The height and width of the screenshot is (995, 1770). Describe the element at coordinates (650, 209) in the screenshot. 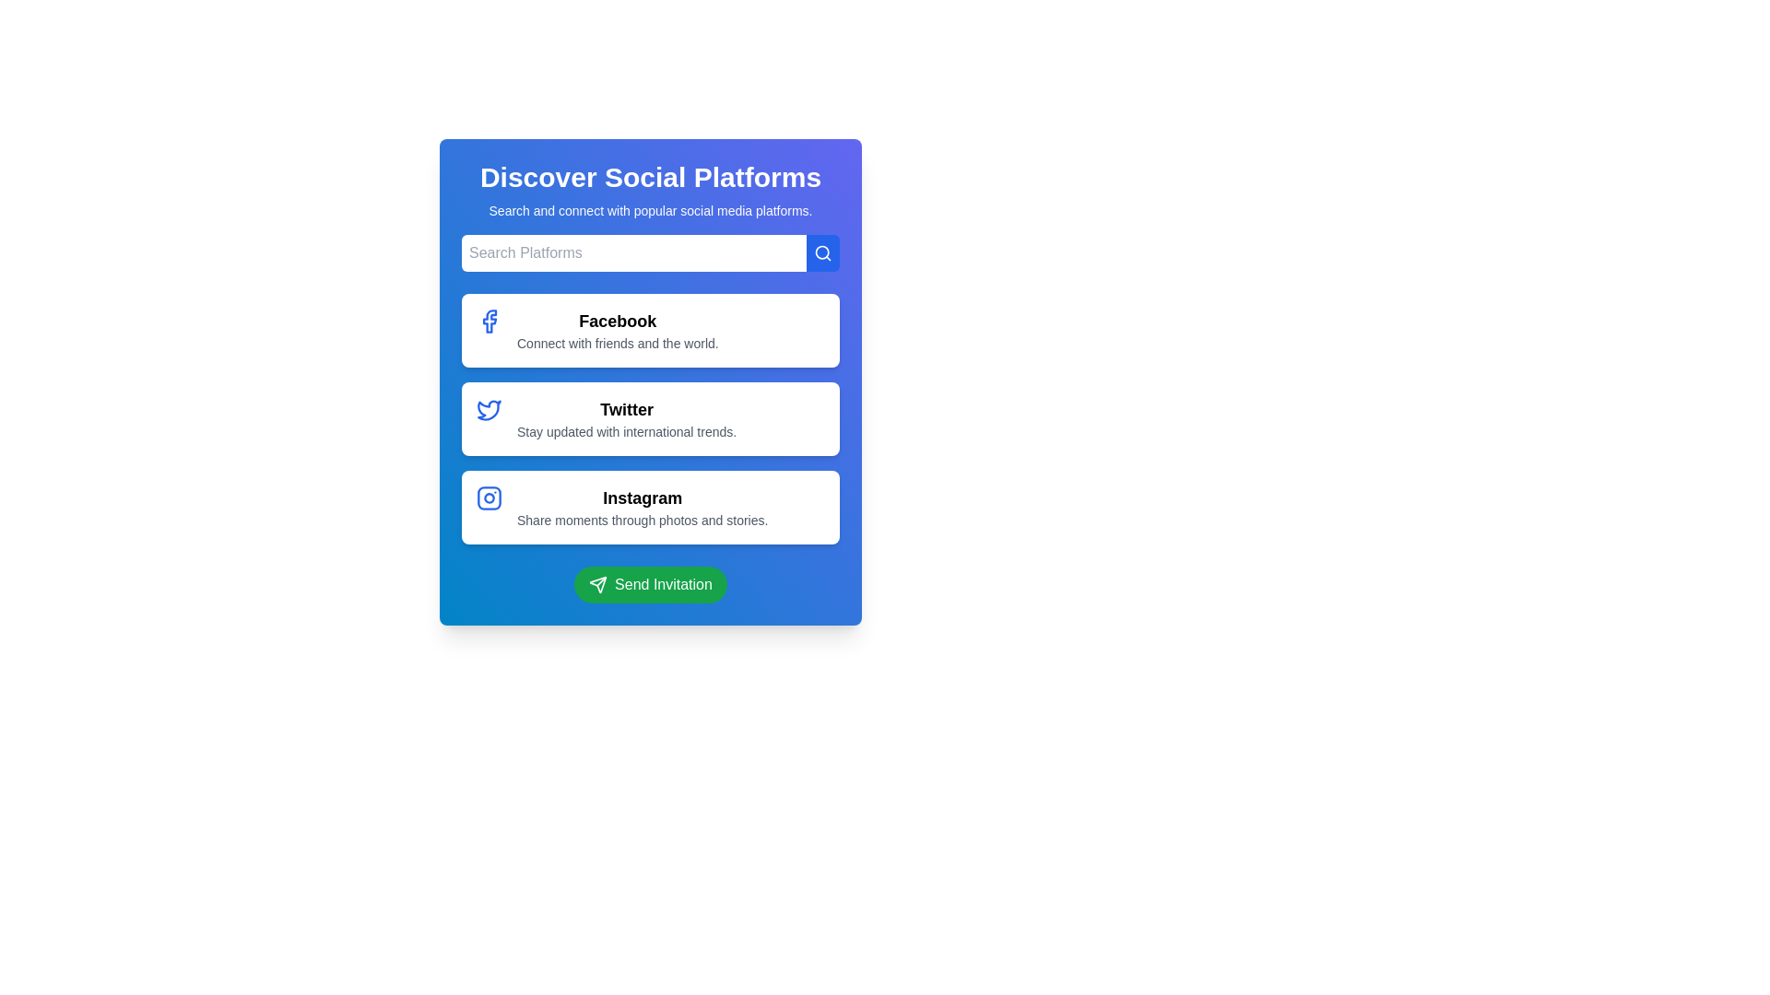

I see `the text label that contains 'Search and connect with popular social media platforms.' which is located beneath the title 'Discover Social Platforms' and above the search bar` at that location.